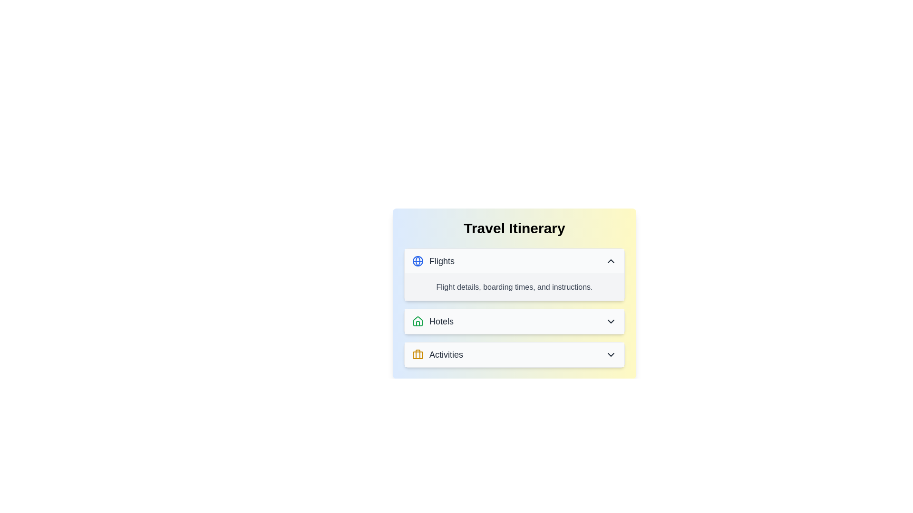  Describe the element at coordinates (418, 321) in the screenshot. I see `the green house icon outlined in green strokes, located in the central section of the Hotels row in the Travel Itinerary card interface` at that location.